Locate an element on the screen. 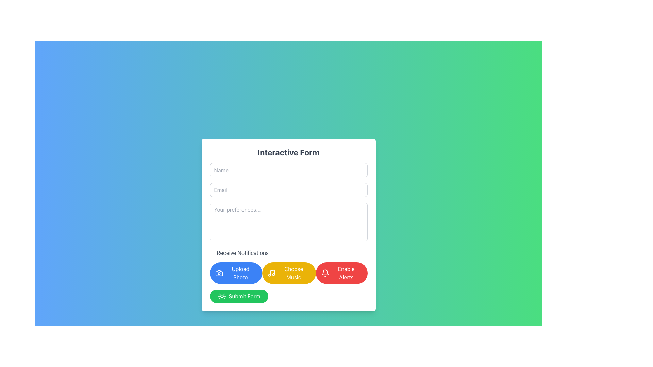 This screenshot has width=653, height=367. the green 'Submit Form' button with a sun icon is located at coordinates (239, 296).